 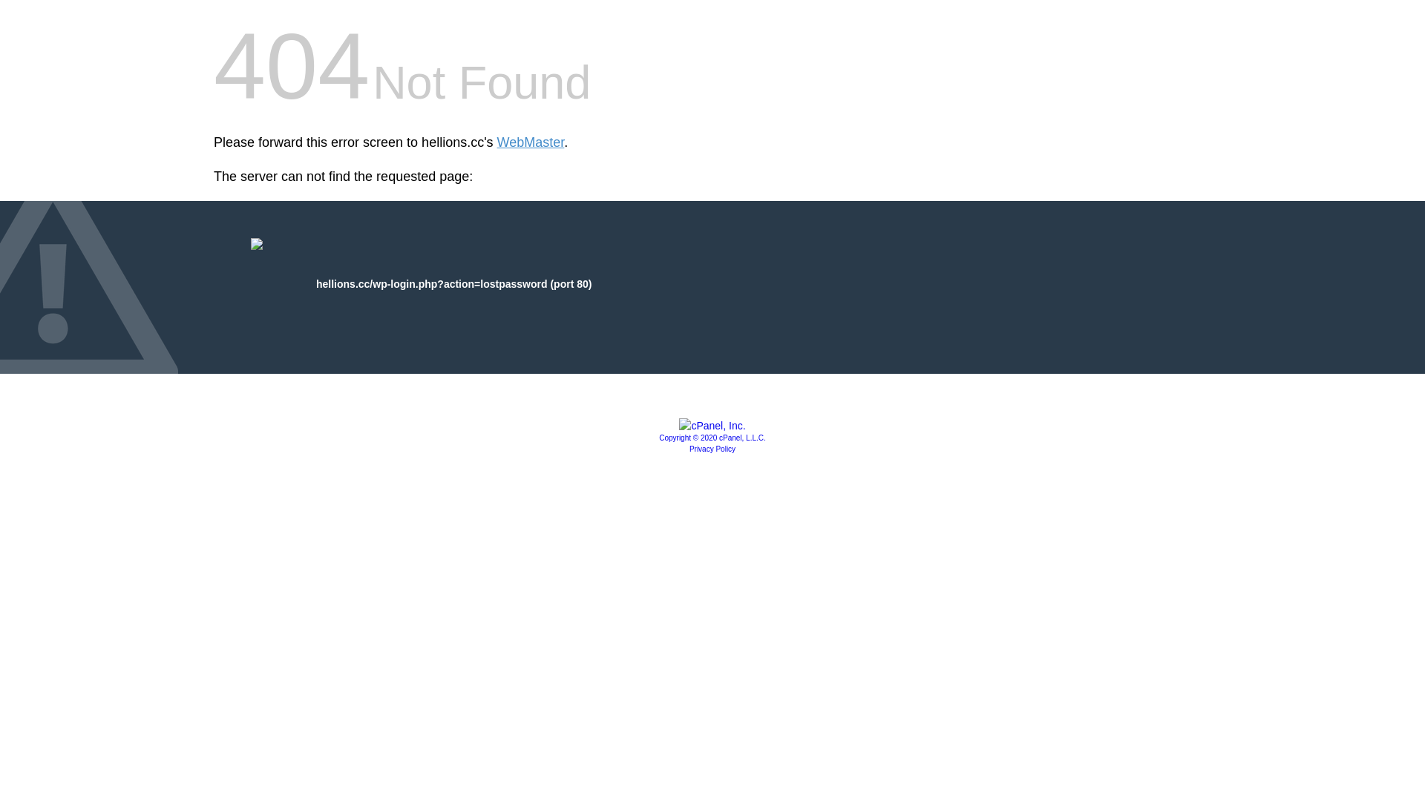 I want to click on 'Privacy Policy', so click(x=712, y=448).